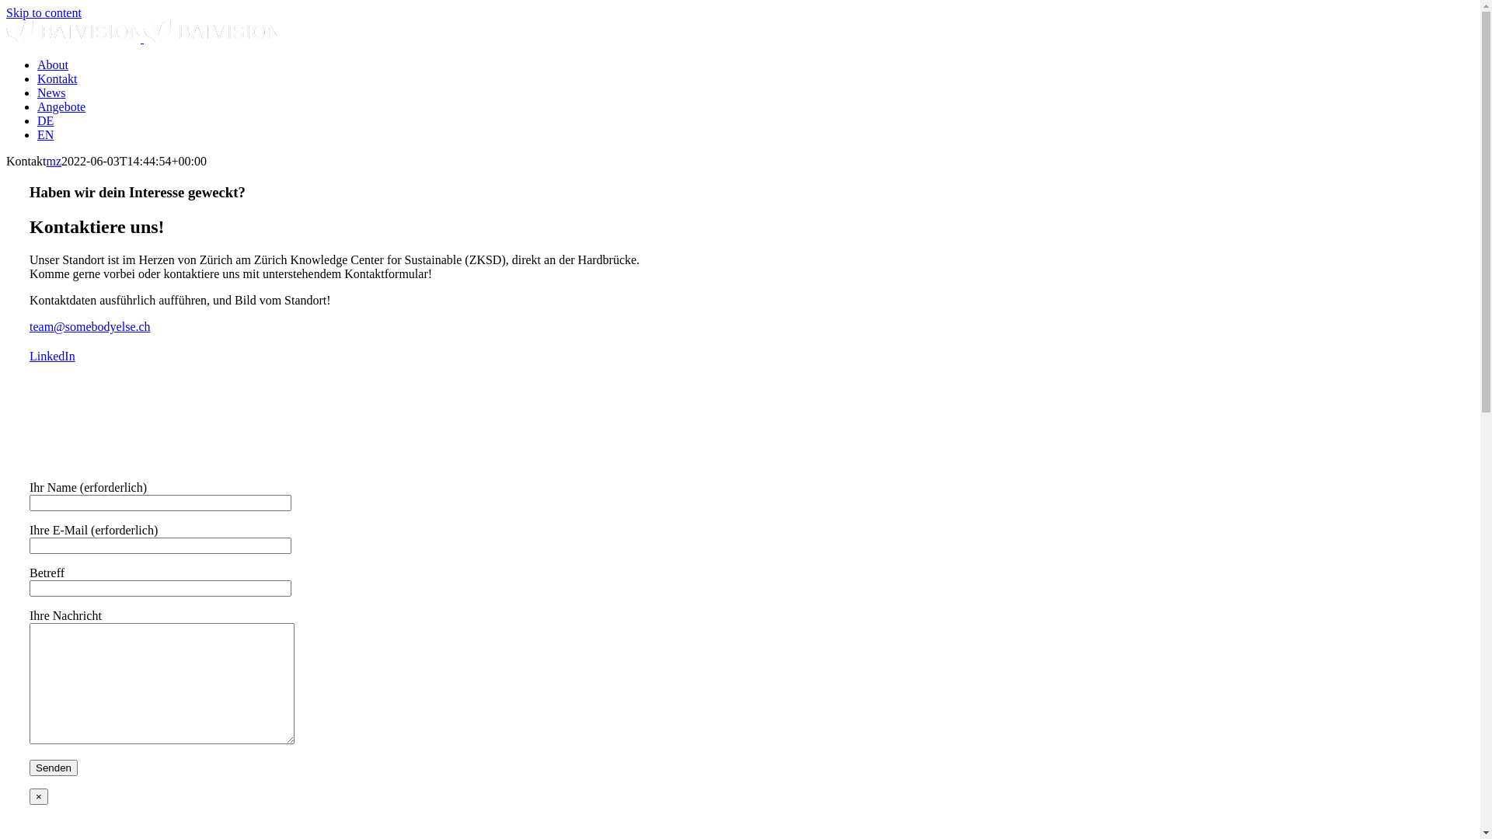  Describe the element at coordinates (61, 106) in the screenshot. I see `'Angebote'` at that location.